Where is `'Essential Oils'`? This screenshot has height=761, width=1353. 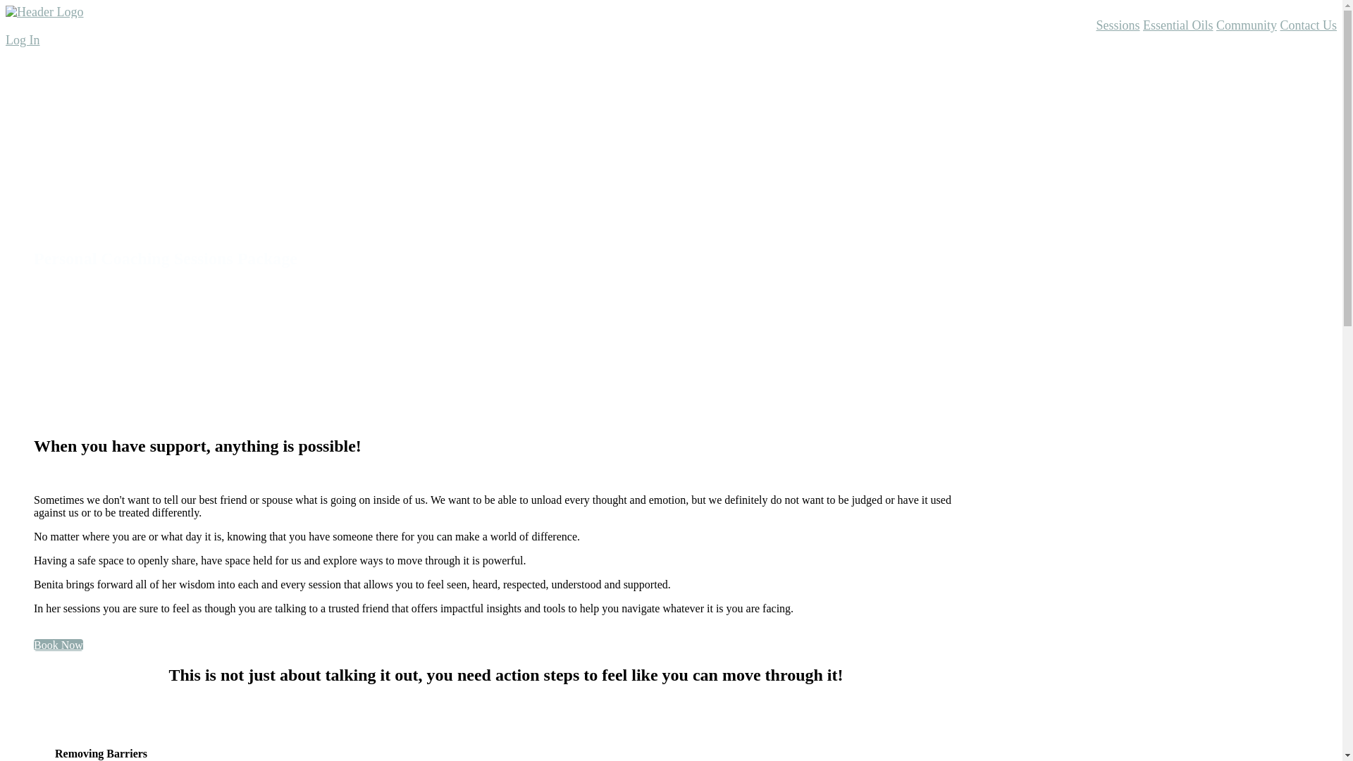
'Essential Oils' is located at coordinates (1178, 25).